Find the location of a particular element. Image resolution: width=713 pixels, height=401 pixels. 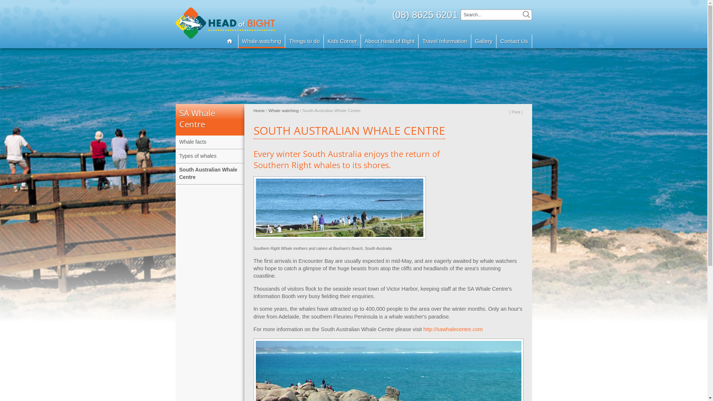

'Things to do' is located at coordinates (305, 41).